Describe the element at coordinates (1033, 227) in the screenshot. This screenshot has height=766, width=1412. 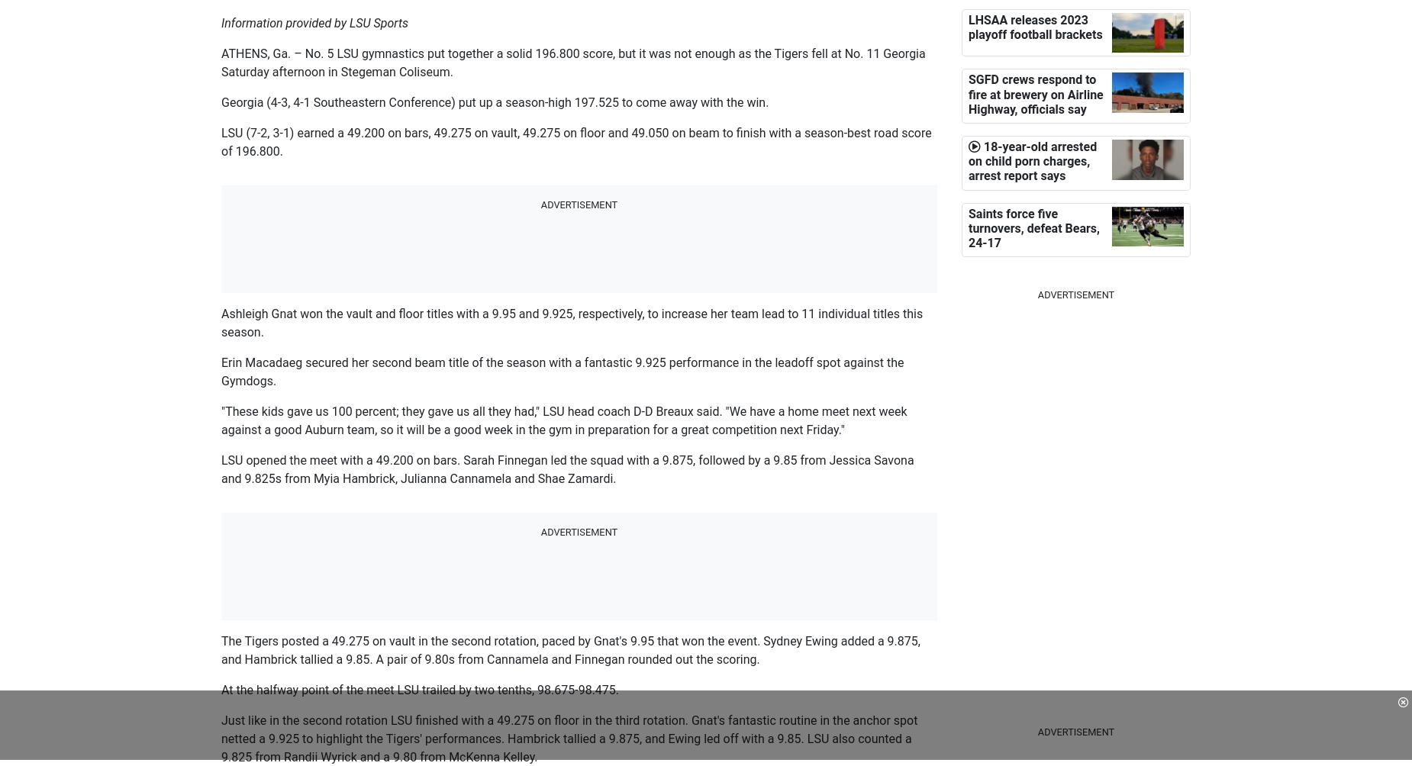
I see `'Saints force five turnovers, defeat Bears, 24-17'` at that location.